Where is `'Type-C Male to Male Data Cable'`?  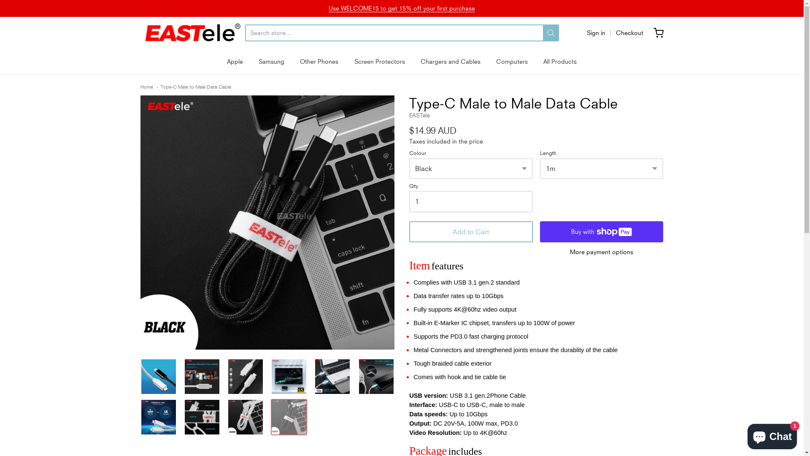
'Type-C Male to Male Data Cable' is located at coordinates (245, 416).